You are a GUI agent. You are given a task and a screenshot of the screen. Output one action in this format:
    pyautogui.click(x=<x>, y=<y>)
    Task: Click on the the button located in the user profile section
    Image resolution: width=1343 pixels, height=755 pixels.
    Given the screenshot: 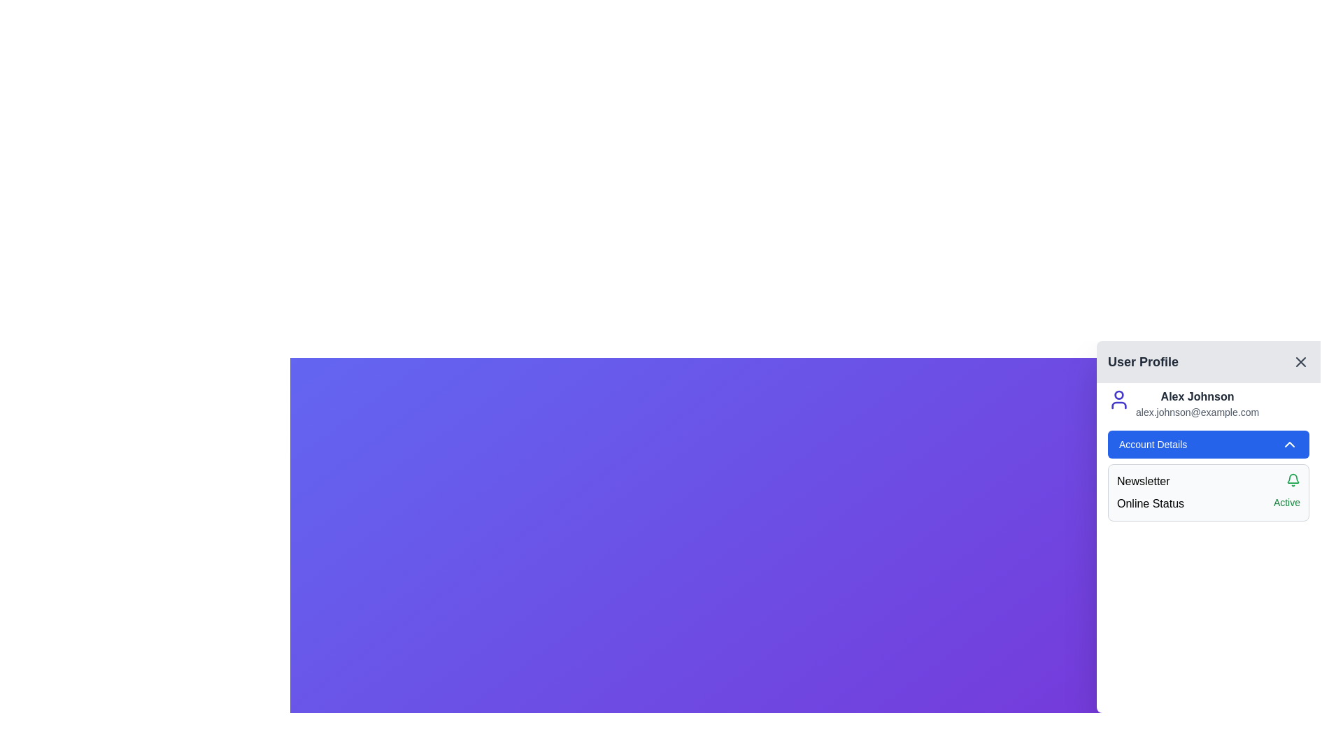 What is the action you would take?
    pyautogui.click(x=1208, y=445)
    